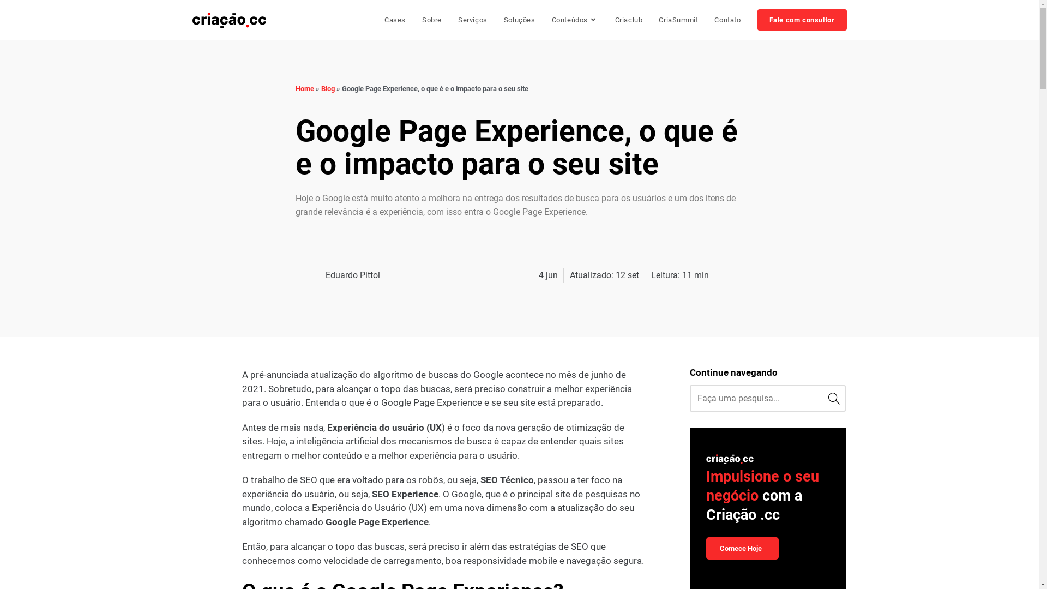 The image size is (1047, 589). What do you see at coordinates (727, 20) in the screenshot?
I see `'Contato'` at bounding box center [727, 20].